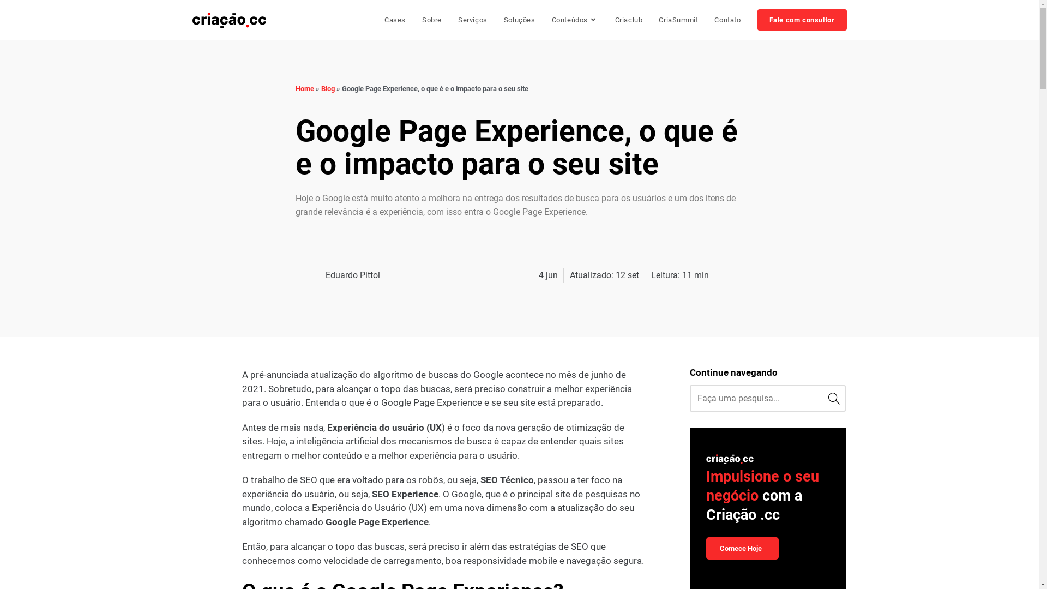 The image size is (1047, 589). What do you see at coordinates (727, 20) in the screenshot?
I see `'Contato'` at bounding box center [727, 20].